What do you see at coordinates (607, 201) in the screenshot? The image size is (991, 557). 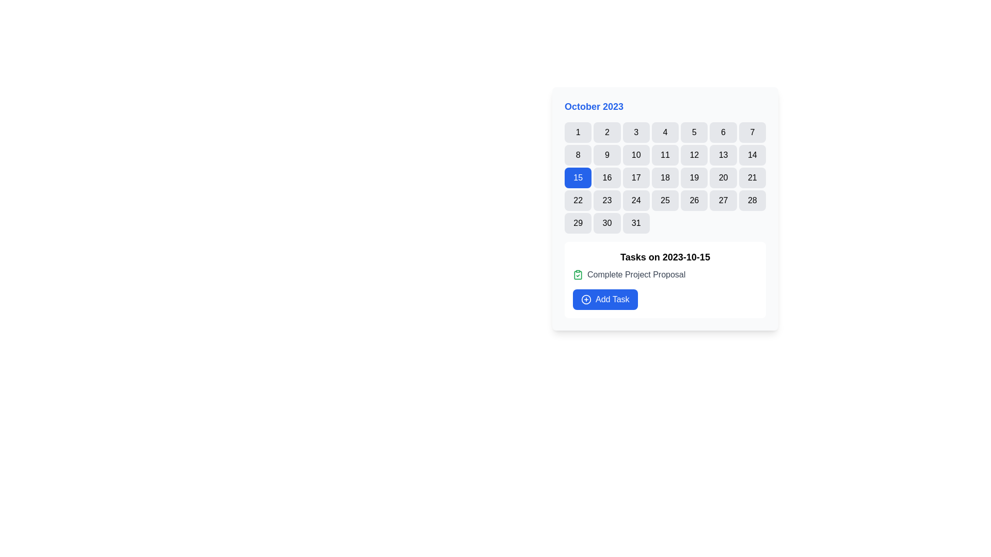 I see `the button representing the 23rd day in the calendar view to change its background color` at bounding box center [607, 201].